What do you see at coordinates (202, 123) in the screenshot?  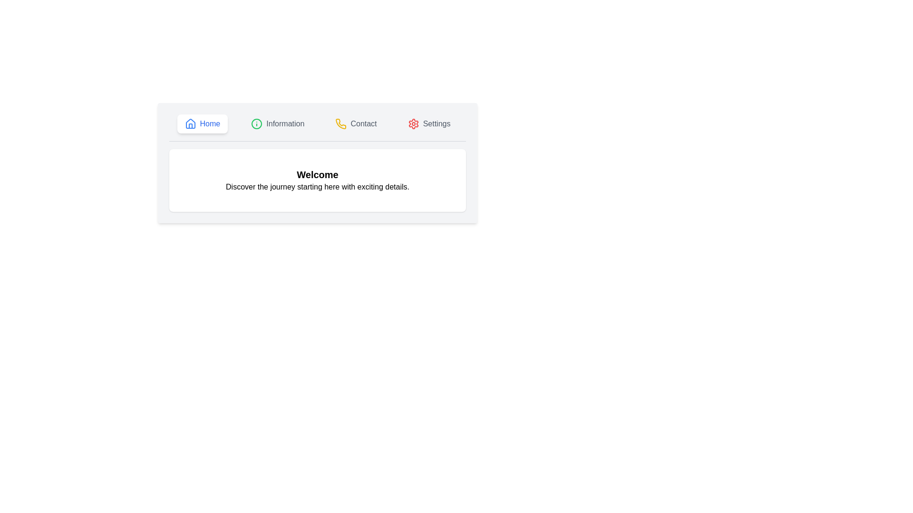 I see `the 'Home' button, which features a blue house icon and the text 'Home'` at bounding box center [202, 123].